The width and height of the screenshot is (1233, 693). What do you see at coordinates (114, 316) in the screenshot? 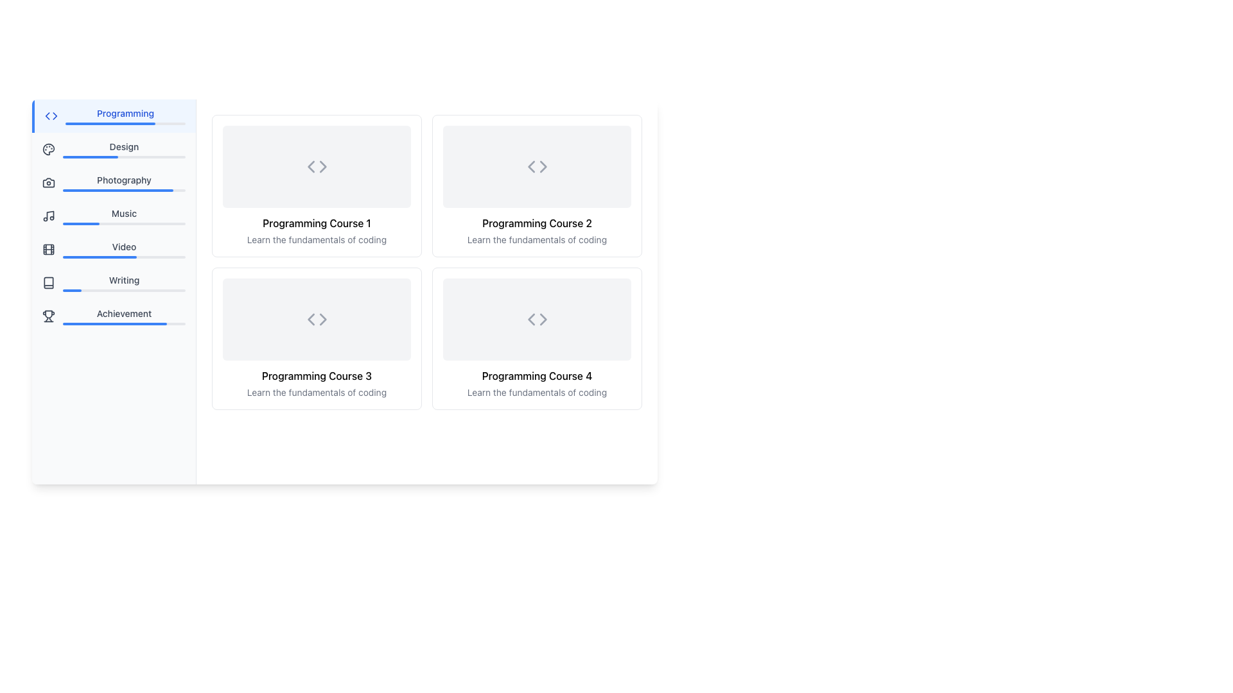
I see `the 'Achievement' menu item, which is the seventh item in the vertical list of menu items on the left-hand sidebar` at bounding box center [114, 316].